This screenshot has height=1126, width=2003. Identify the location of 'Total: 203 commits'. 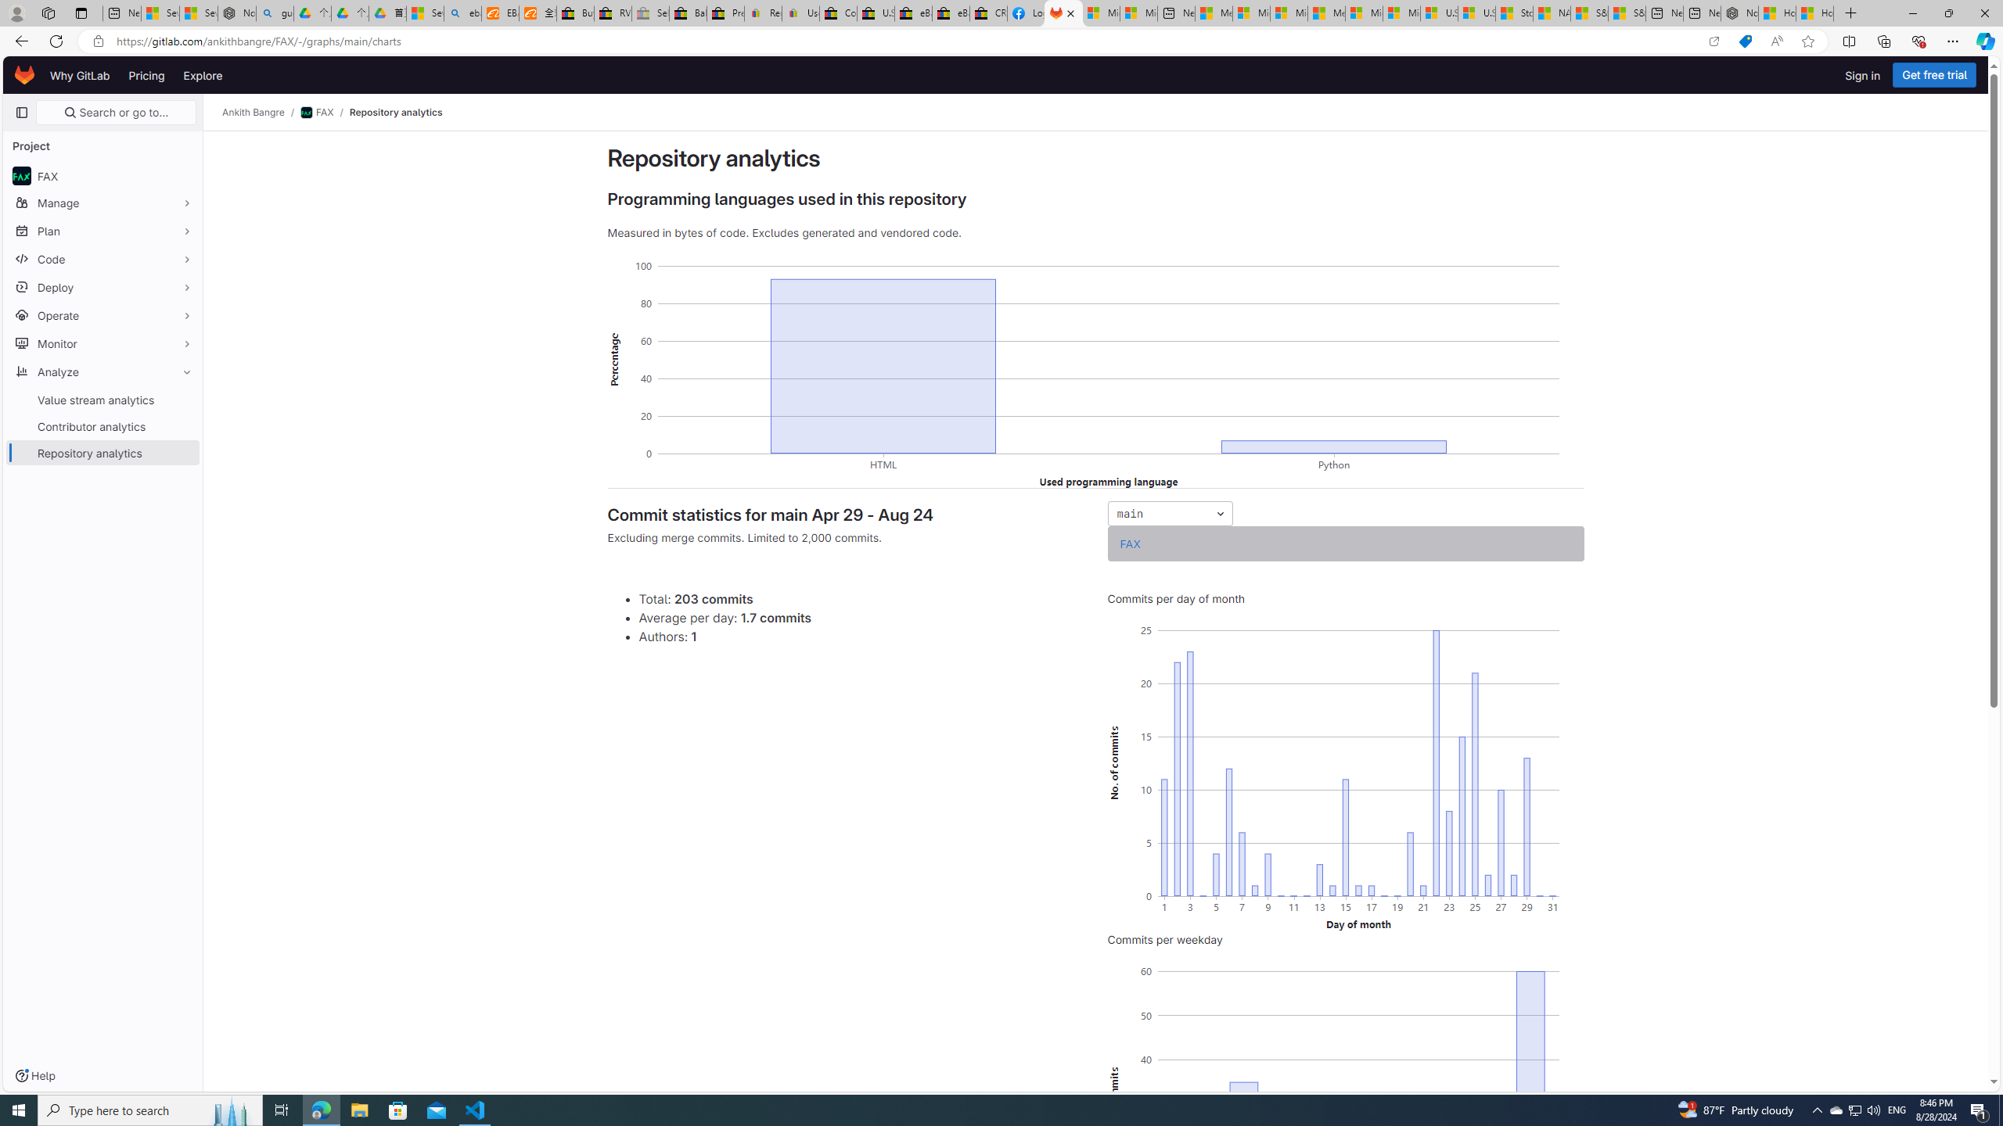
(861, 598).